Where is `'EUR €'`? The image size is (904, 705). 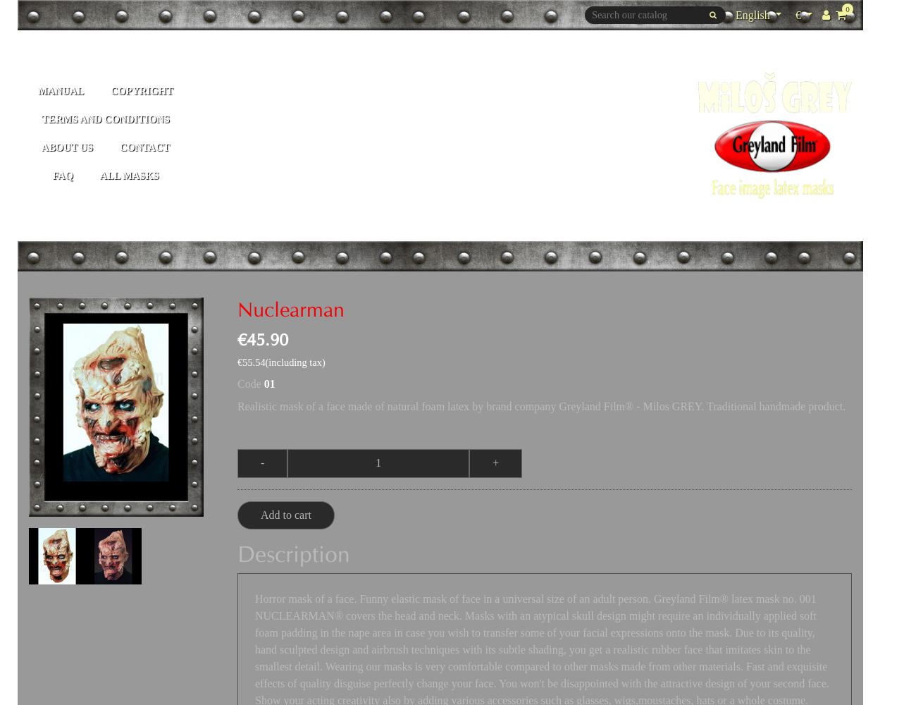
'EUR €' is located at coordinates (822, 69).